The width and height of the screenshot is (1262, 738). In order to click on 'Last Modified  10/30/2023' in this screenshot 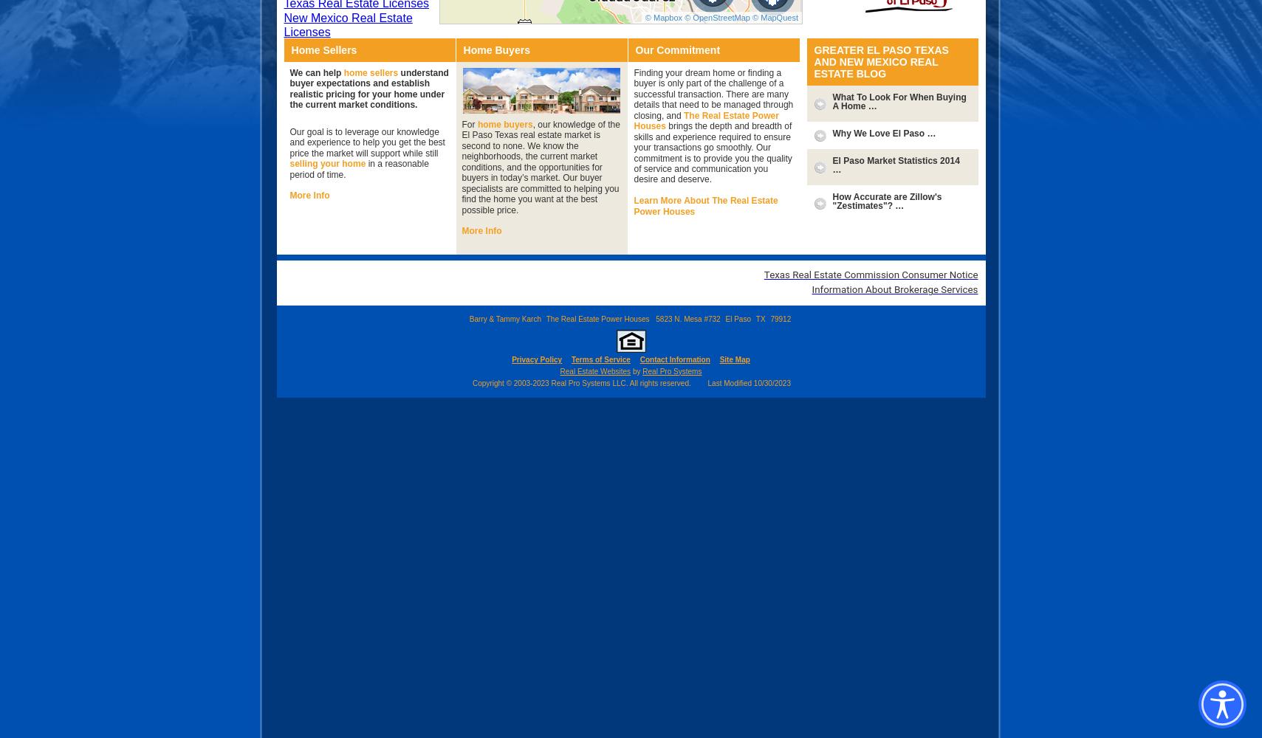, I will do `click(749, 382)`.